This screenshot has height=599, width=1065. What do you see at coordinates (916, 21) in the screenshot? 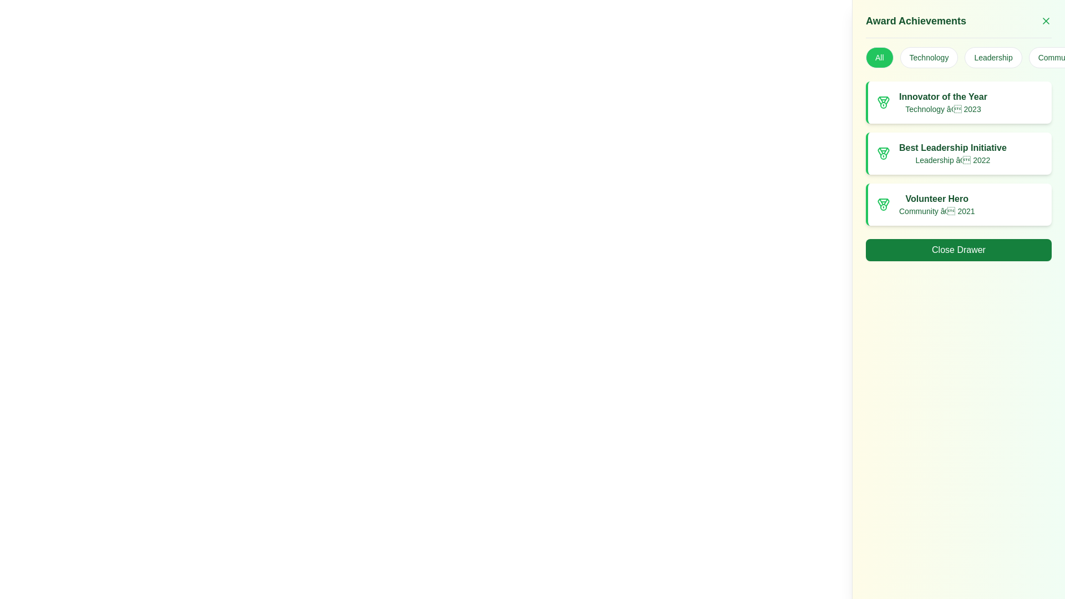
I see `the prominent text label displaying 'Award Achievements' styled in green, bold font, located at the top-right corner of the interface` at bounding box center [916, 21].